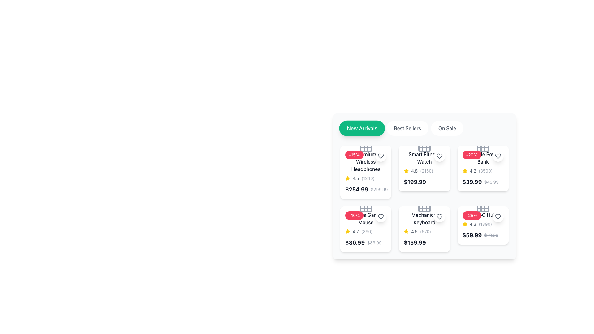 The image size is (594, 334). Describe the element at coordinates (424, 168) in the screenshot. I see `the informational card for the smart fitness watch, located in the center of the second row of the product grid, which is the second product card from the left` at that location.